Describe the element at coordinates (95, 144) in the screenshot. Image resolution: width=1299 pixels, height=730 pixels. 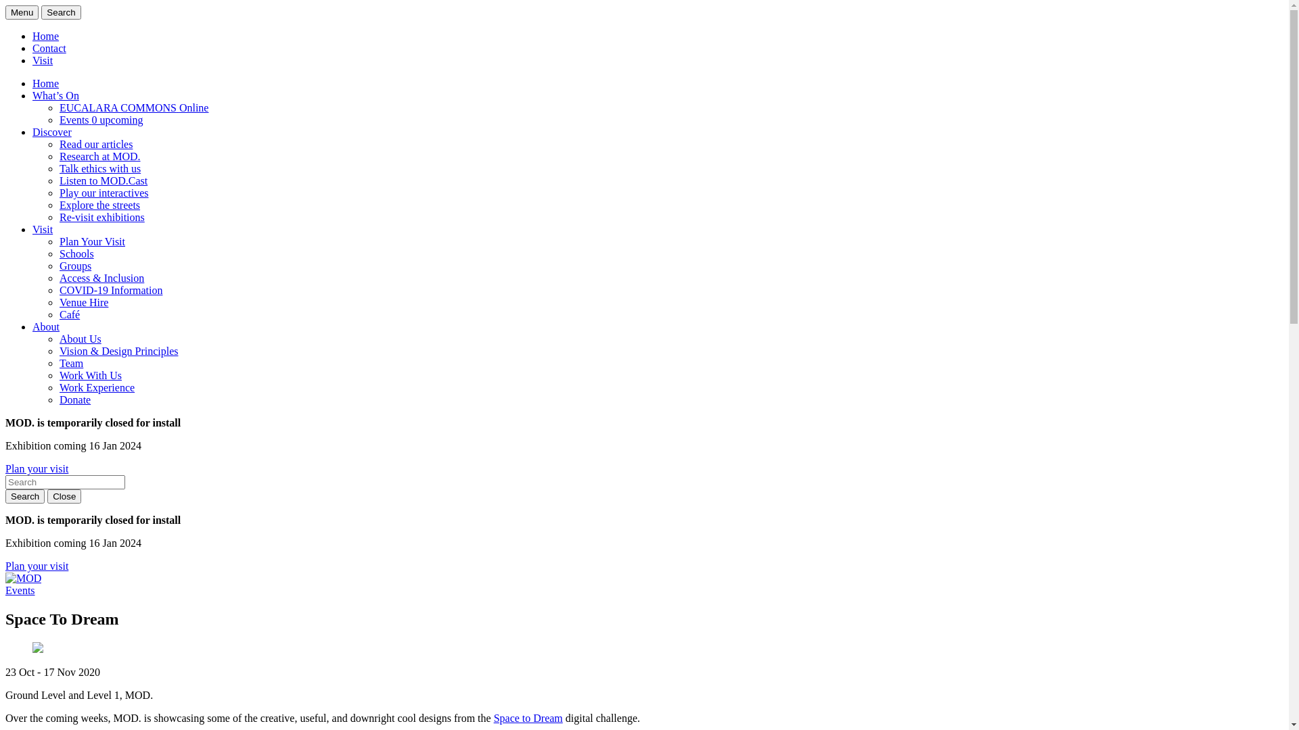
I see `'Read our articles'` at that location.